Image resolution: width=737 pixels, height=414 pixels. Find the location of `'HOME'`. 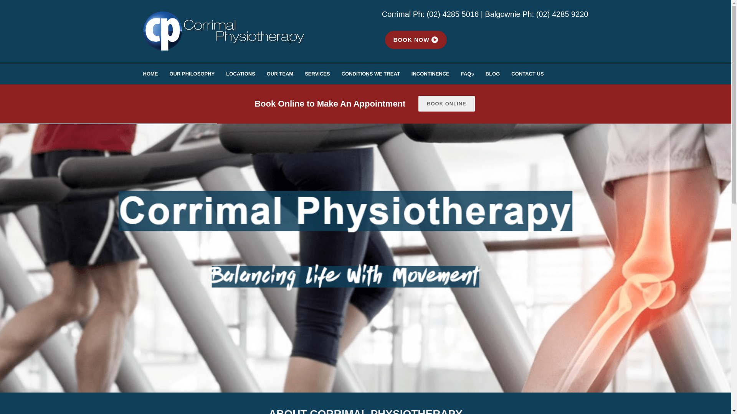

'HOME' is located at coordinates (155, 74).